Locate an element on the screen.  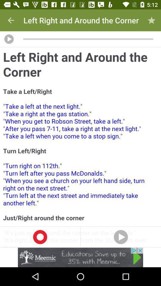
the explore icon is located at coordinates (40, 237).